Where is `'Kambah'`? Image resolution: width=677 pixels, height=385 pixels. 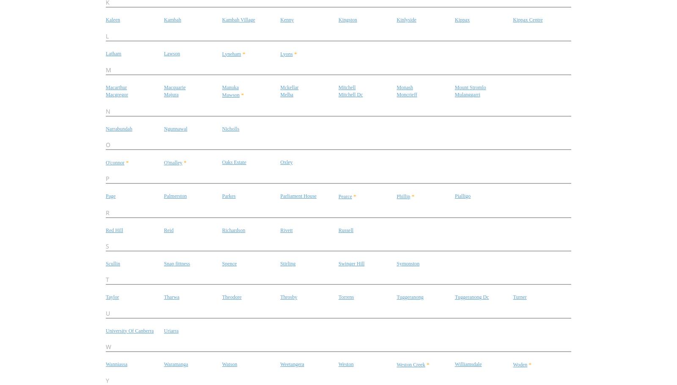 'Kambah' is located at coordinates (172, 19).